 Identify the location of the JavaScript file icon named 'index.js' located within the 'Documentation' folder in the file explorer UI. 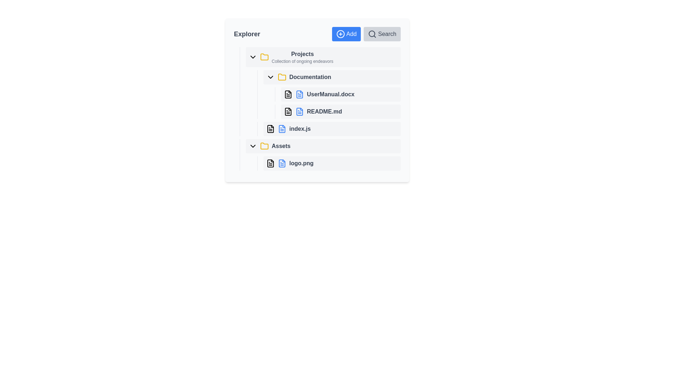
(270, 128).